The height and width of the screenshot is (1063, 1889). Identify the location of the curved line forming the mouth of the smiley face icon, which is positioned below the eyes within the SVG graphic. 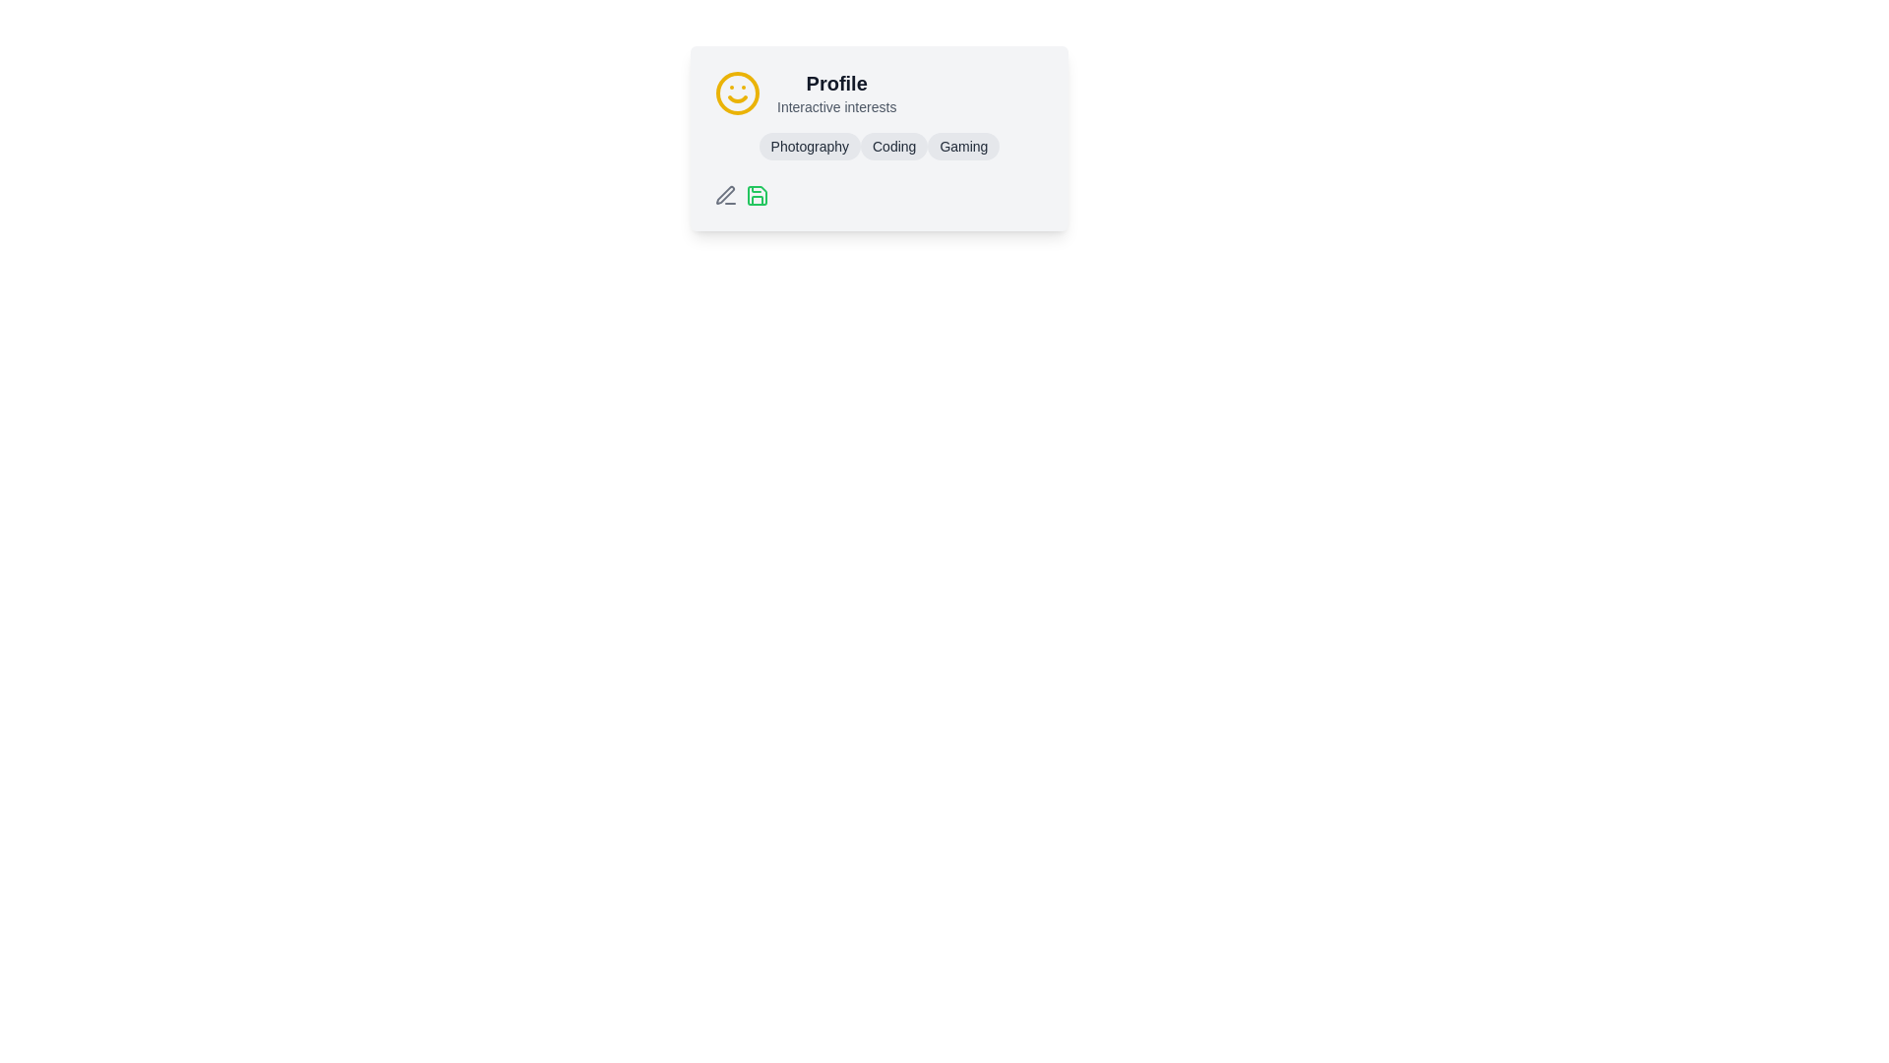
(736, 98).